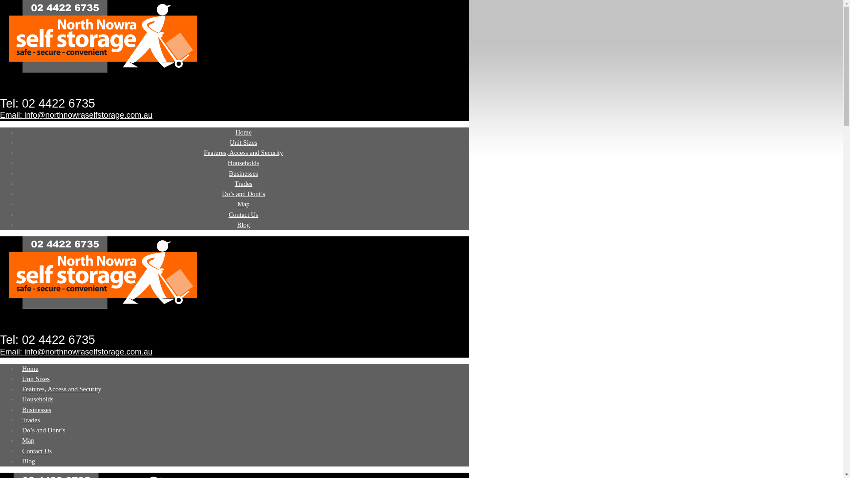 This screenshot has width=850, height=478. What do you see at coordinates (243, 204) in the screenshot?
I see `'Map'` at bounding box center [243, 204].